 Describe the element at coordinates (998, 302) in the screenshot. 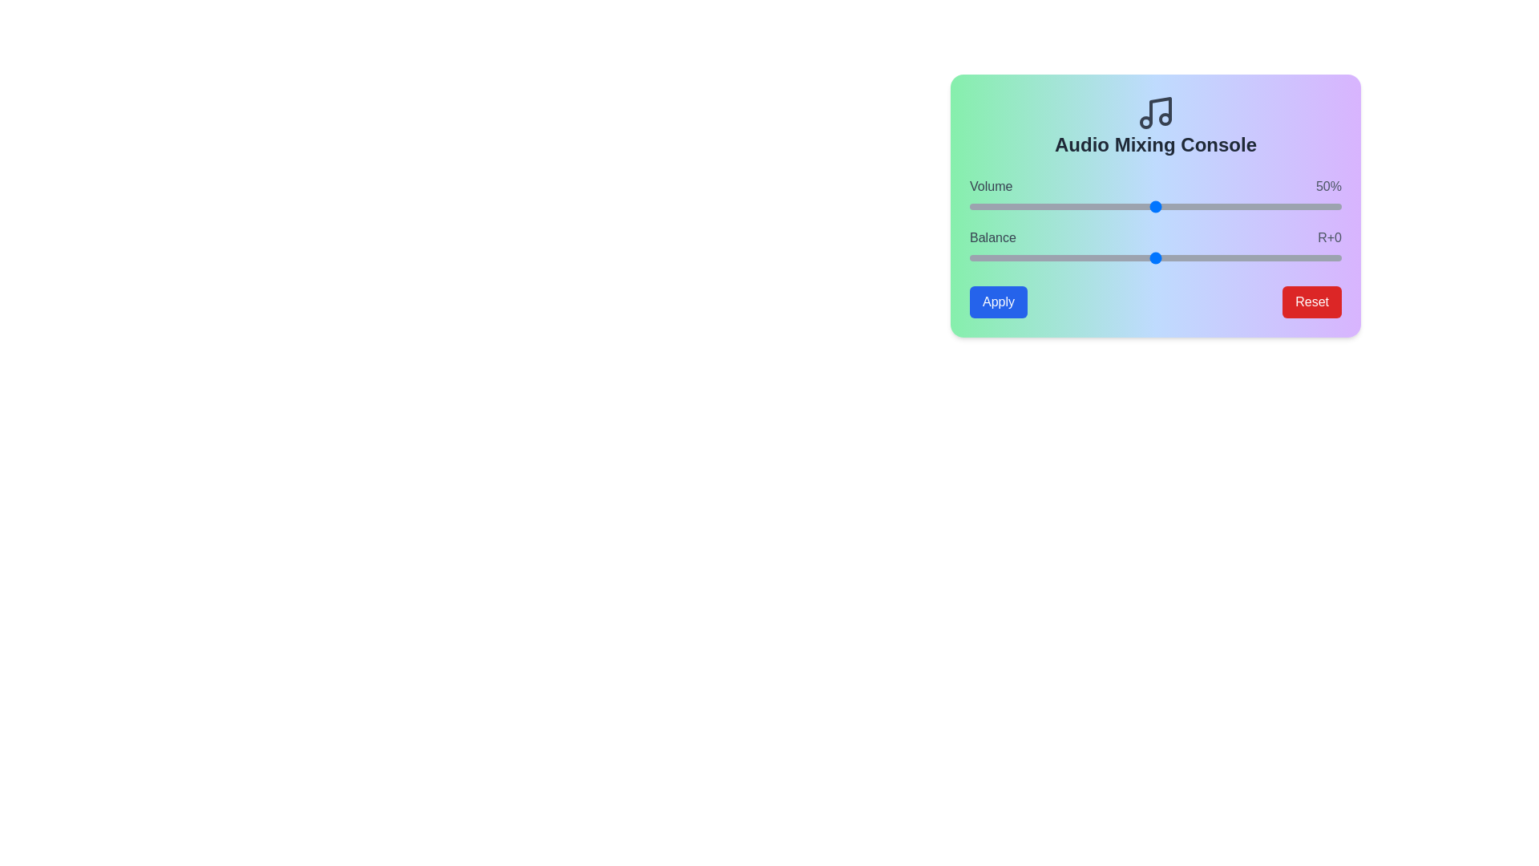

I see `the 'Apply' button located on the left side of the interface` at that location.